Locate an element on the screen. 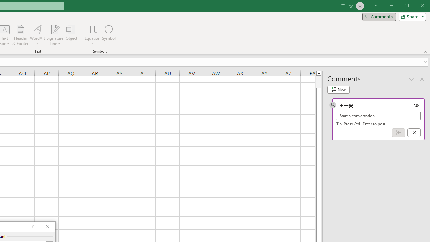 The width and height of the screenshot is (430, 242). 'Equation' is located at coordinates (92, 35).